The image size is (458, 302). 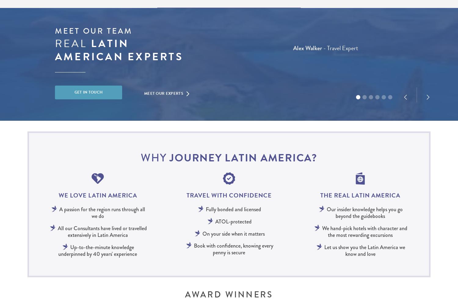 I want to click on 'Why', so click(x=155, y=157).